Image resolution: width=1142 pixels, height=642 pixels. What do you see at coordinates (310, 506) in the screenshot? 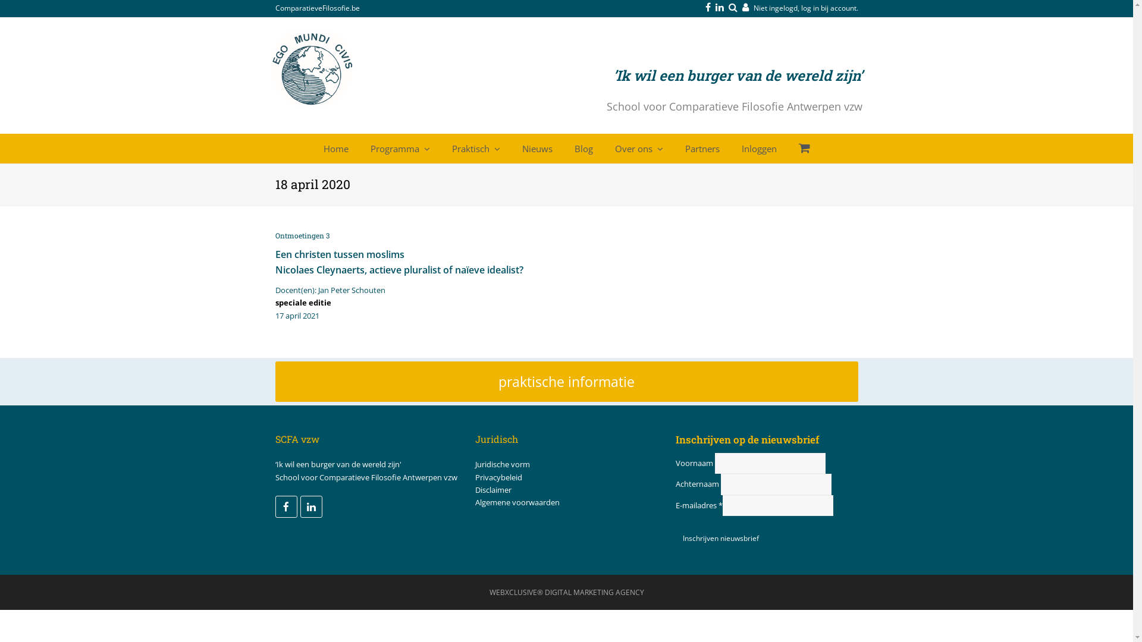
I see `'LinkedIn'` at bounding box center [310, 506].